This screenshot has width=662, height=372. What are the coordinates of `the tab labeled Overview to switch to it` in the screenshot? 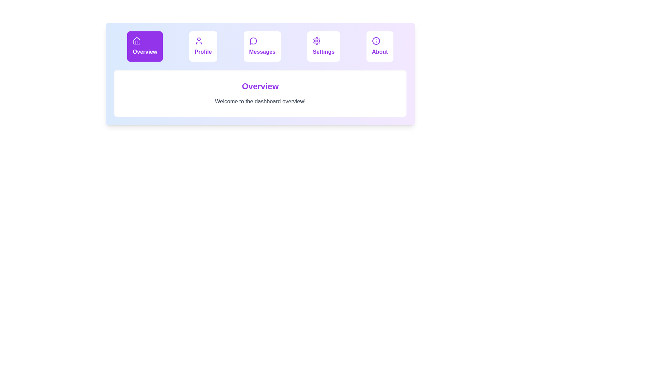 It's located at (144, 46).